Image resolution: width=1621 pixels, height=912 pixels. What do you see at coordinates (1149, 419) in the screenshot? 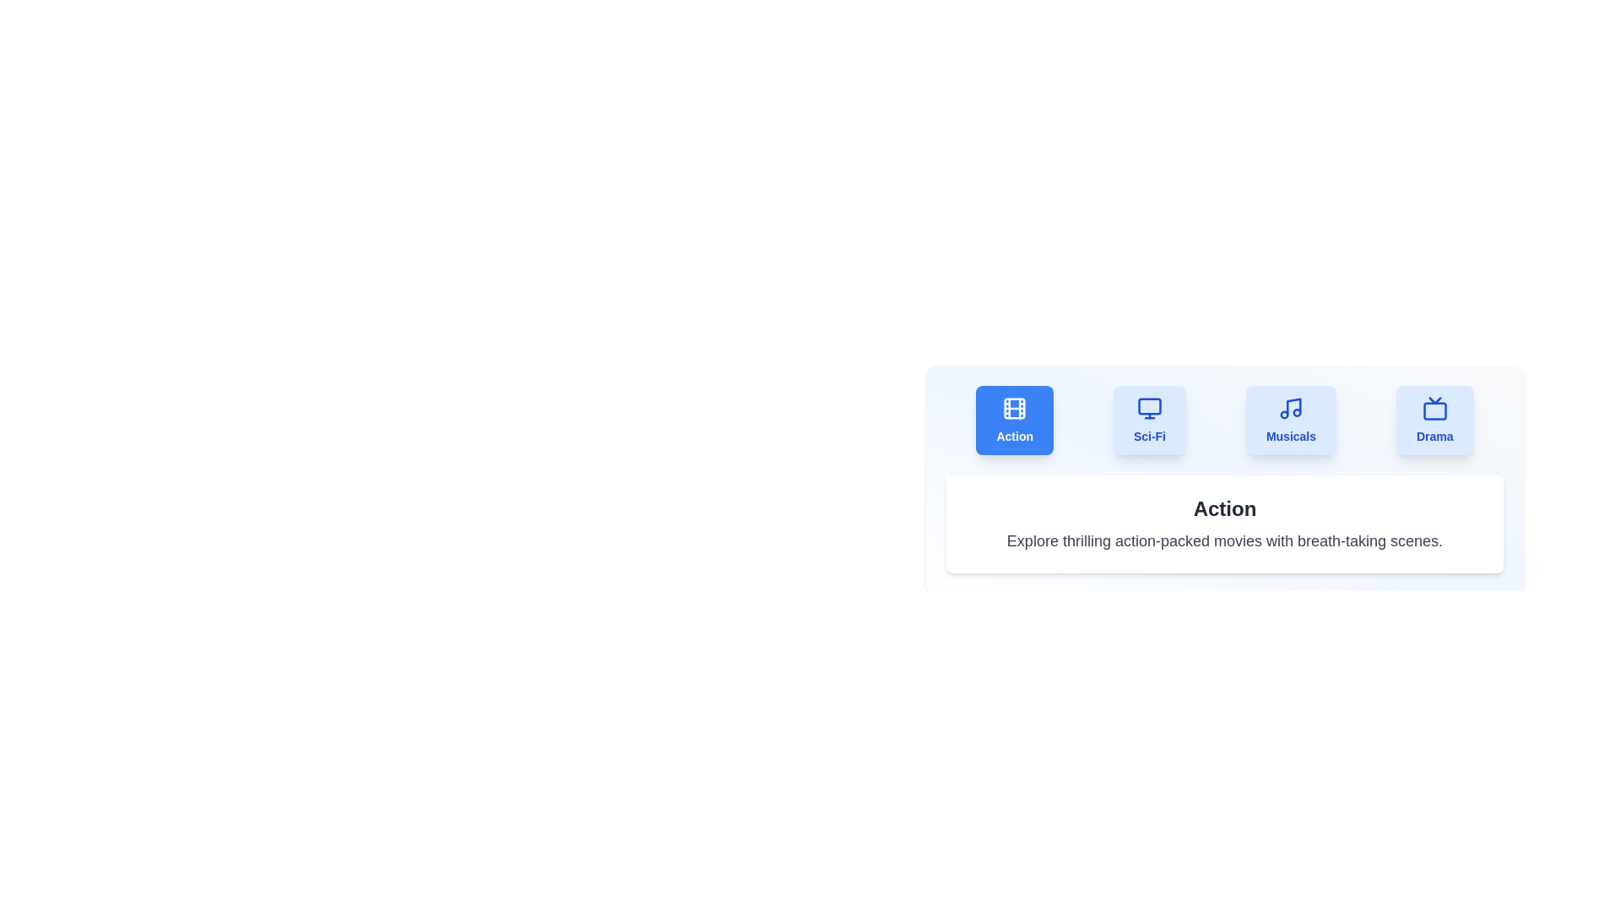
I see `the Sci-Fi tab to view its content` at bounding box center [1149, 419].